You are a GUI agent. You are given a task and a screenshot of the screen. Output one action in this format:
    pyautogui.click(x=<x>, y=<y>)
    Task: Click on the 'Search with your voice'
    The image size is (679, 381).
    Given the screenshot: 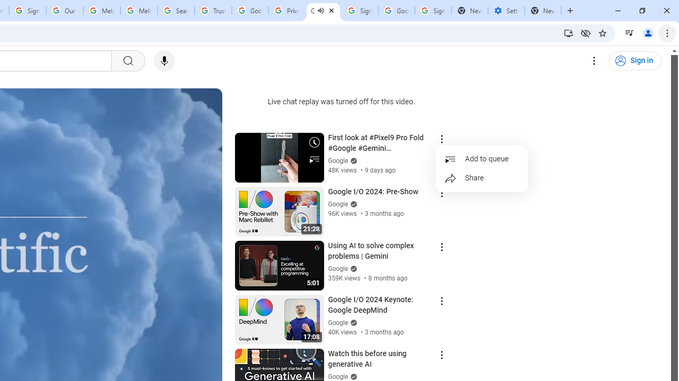 What is the action you would take?
    pyautogui.click(x=163, y=61)
    